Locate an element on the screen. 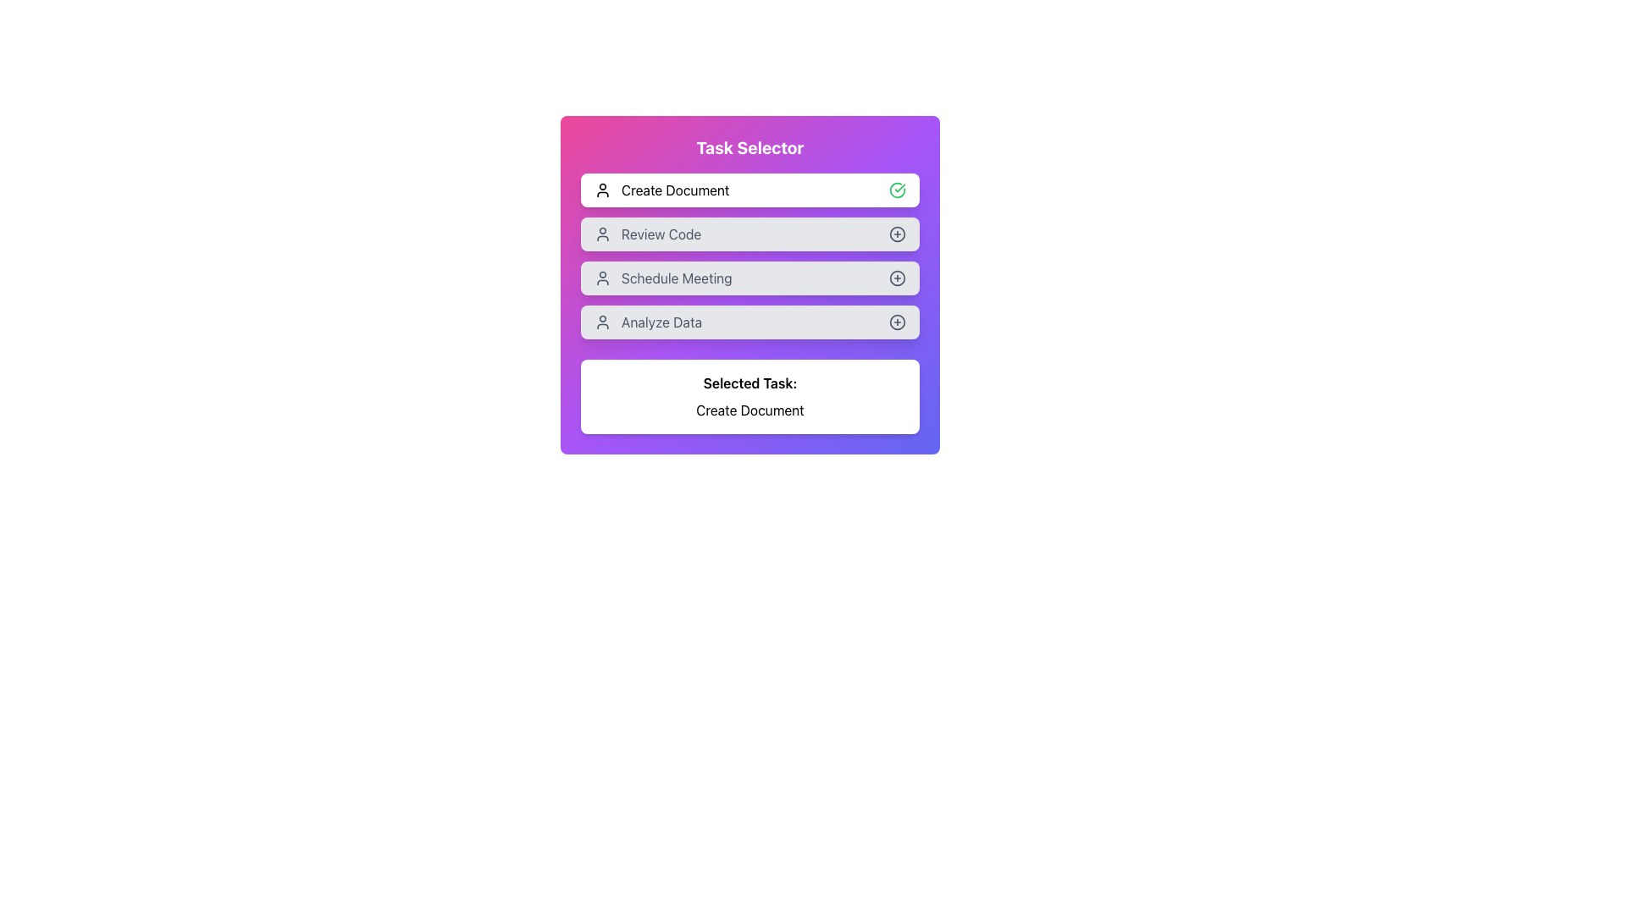 The image size is (1626, 914). the green circular icon with a check mark that indicates success or confirmation, located to the right of the 'Create Document' button is located at coordinates (897, 190).